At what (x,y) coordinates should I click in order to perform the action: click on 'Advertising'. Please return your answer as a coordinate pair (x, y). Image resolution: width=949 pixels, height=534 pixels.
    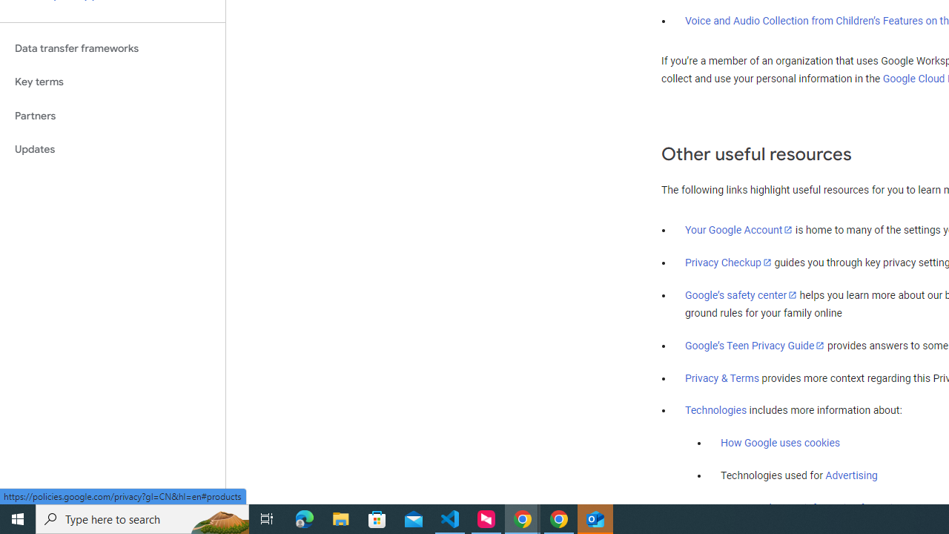
    Looking at the image, I should click on (851, 475).